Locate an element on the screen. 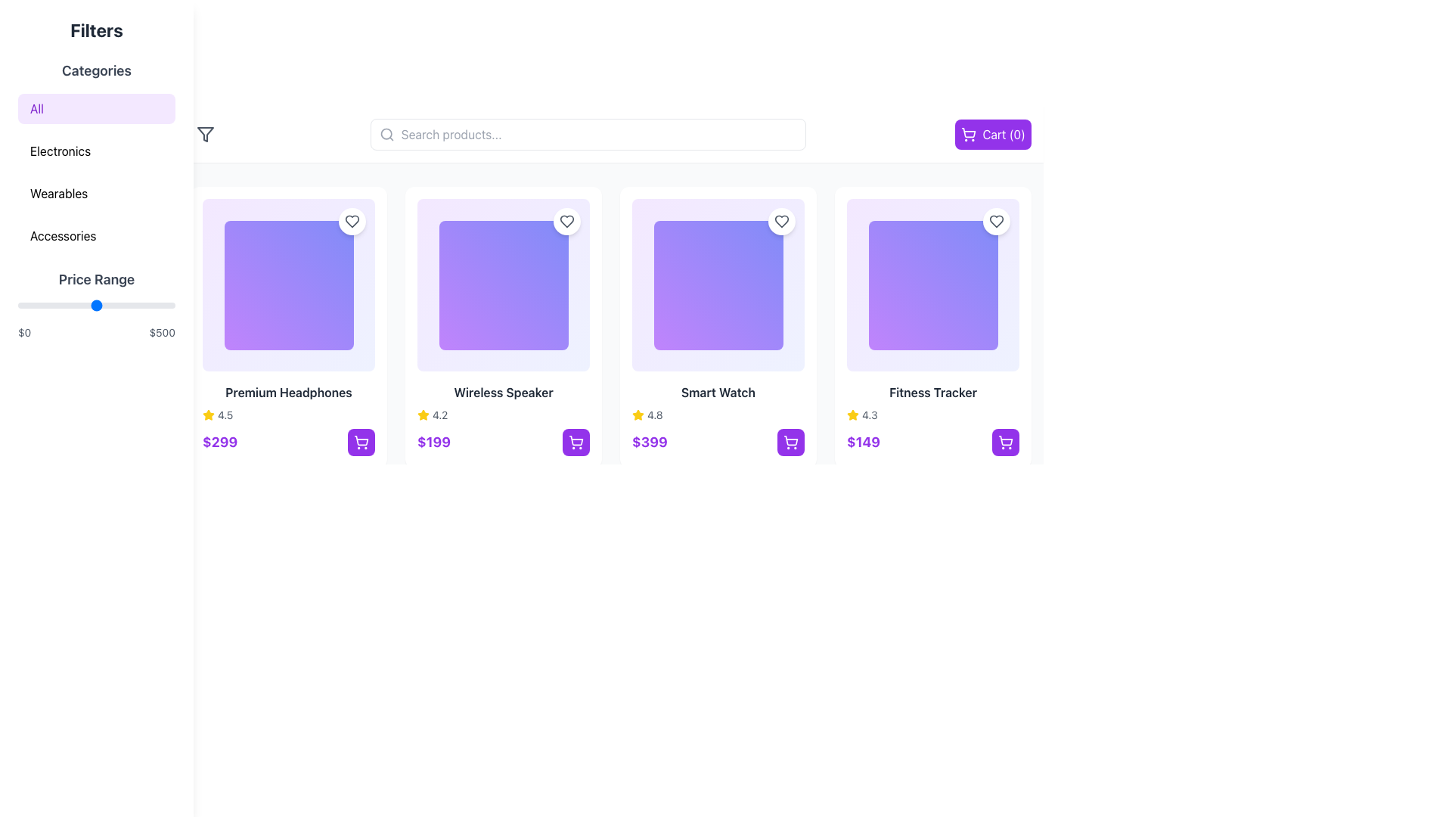 This screenshot has width=1452, height=817. the text label displaying 'Premium Headphones' which is located at the bottom part of its product card, centered horizontally, in bold dark gray font is located at coordinates (289, 392).